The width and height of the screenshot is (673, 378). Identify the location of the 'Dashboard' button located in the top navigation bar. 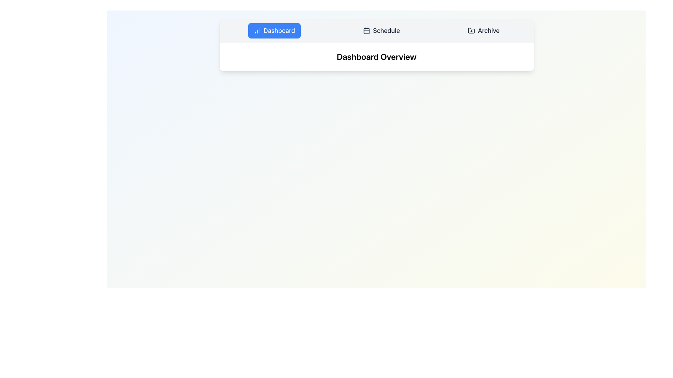
(274, 30).